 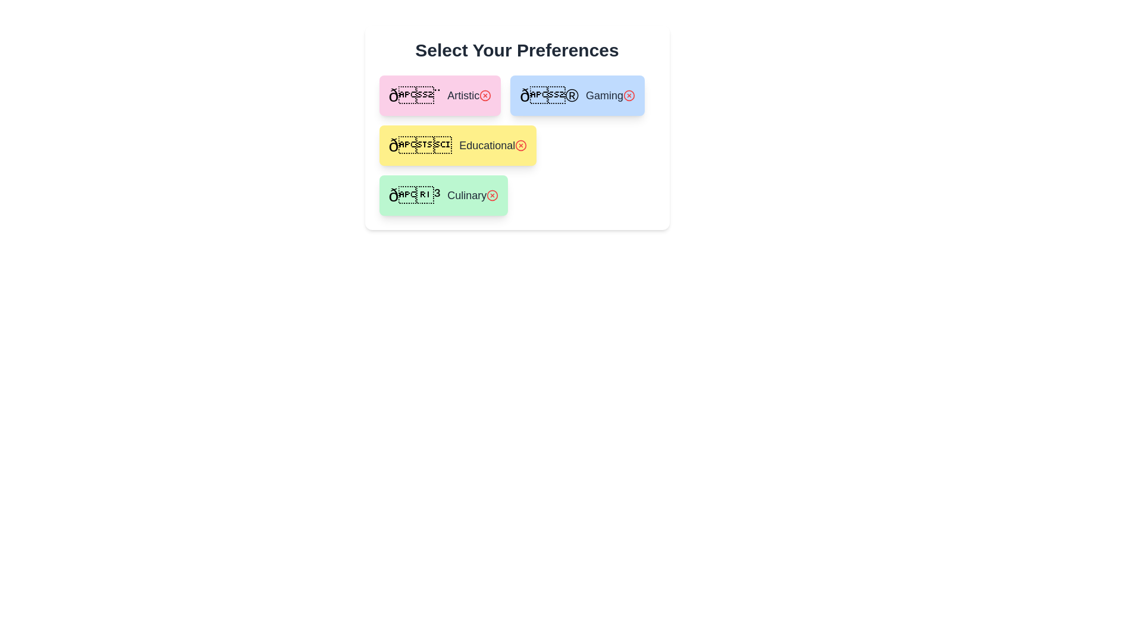 I want to click on the preference Culinary to view its details, so click(x=443, y=194).